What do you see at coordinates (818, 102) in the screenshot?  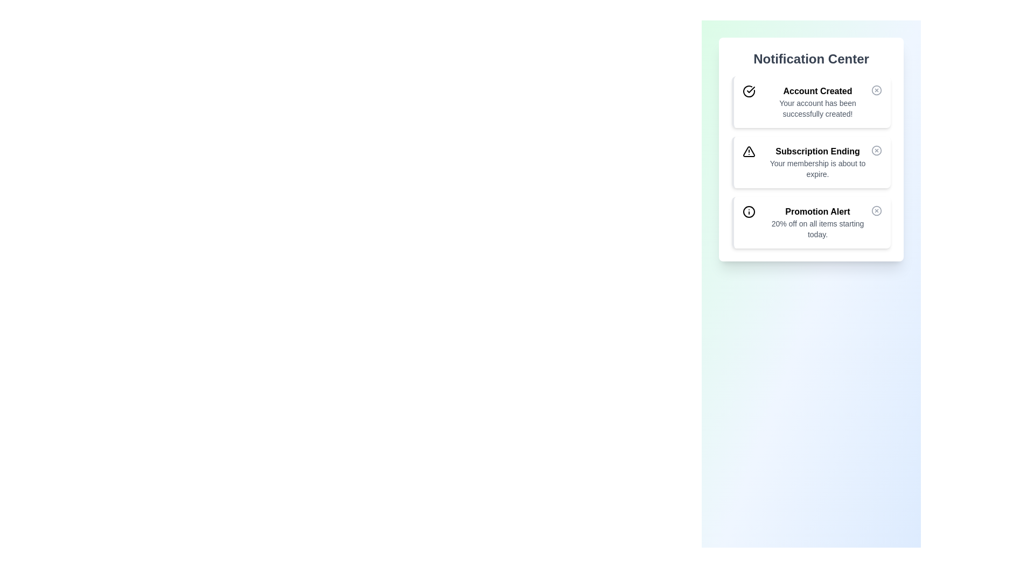 I see `the 'Account Created' text display within the notification box in the 'Notification Center' sidebar, which includes a green border and background` at bounding box center [818, 102].